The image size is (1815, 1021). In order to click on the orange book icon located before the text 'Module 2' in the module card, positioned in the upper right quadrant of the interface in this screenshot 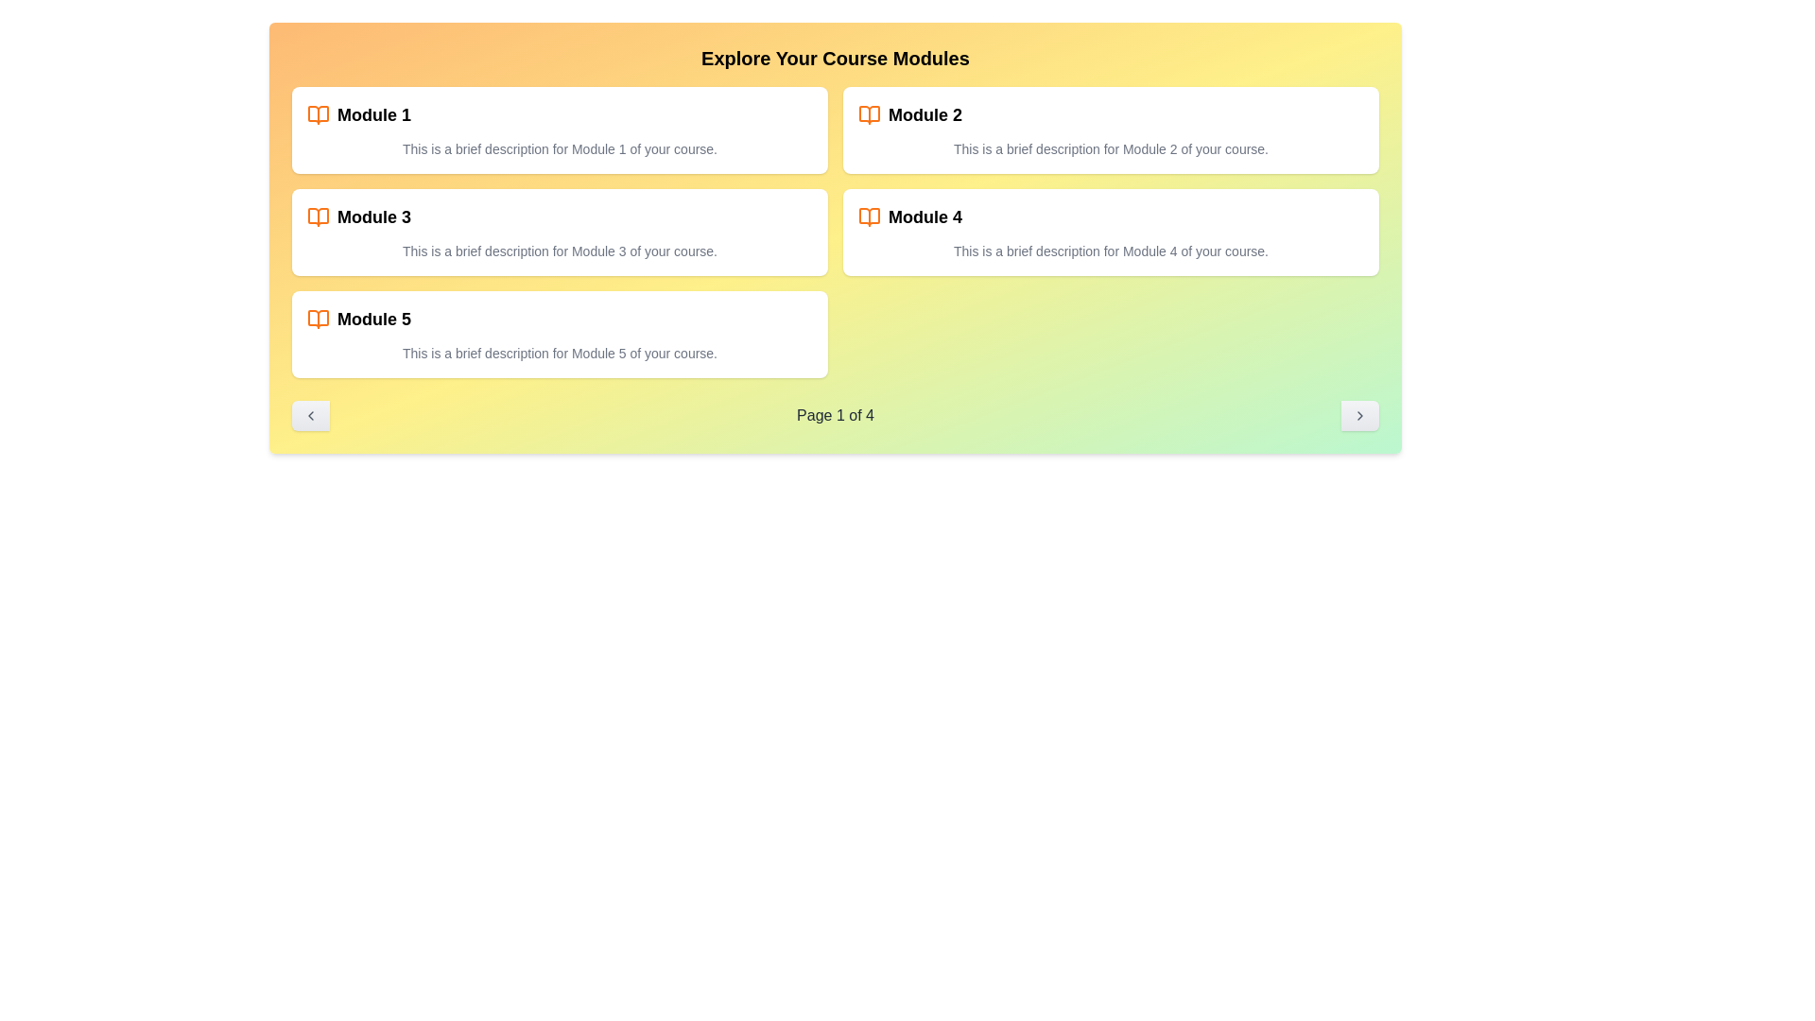, I will do `click(869, 115)`.